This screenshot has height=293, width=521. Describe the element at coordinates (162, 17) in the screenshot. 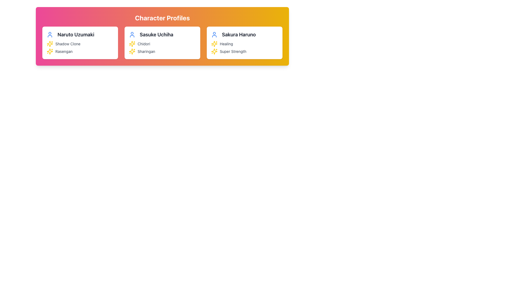

I see `the heading text label 'Character Profiles' which is prominently displayed in bold white font against a gradient pink to yellow background` at that location.